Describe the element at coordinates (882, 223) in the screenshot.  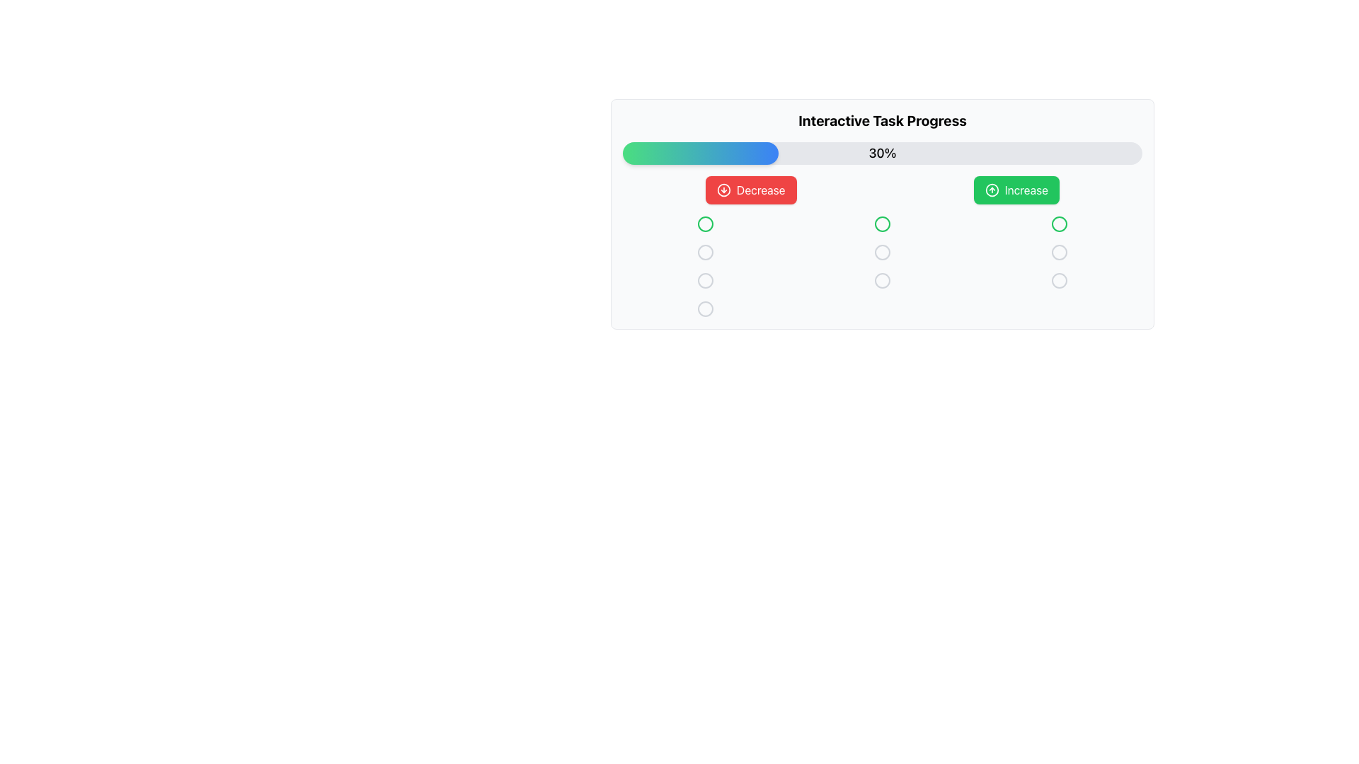
I see `the decorative Circle (SVG Element) located within the center column of the interface, directly below the 'Decrease' and 'Increase' buttons` at that location.